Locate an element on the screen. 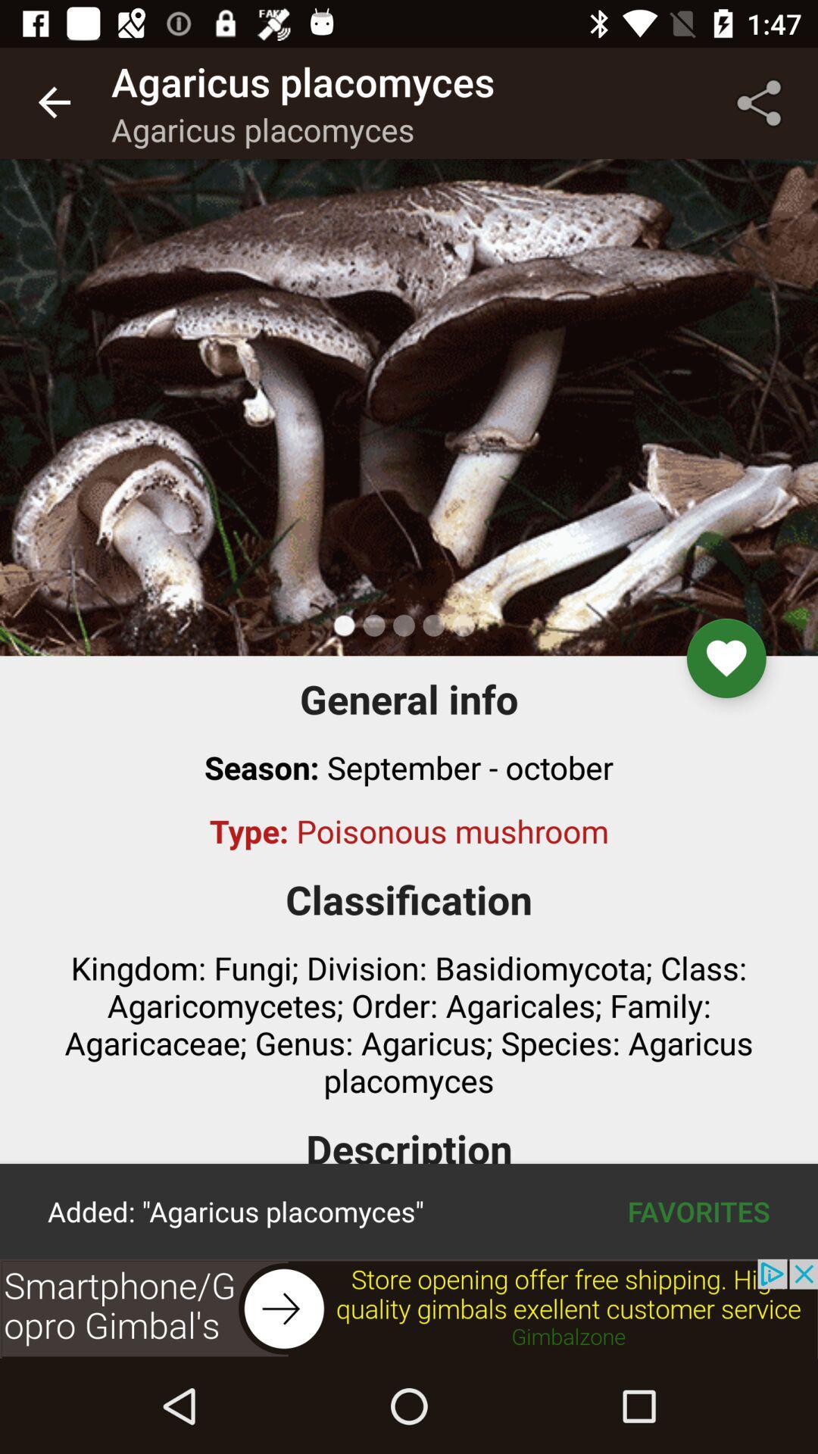  the favorite icon is located at coordinates (726, 658).